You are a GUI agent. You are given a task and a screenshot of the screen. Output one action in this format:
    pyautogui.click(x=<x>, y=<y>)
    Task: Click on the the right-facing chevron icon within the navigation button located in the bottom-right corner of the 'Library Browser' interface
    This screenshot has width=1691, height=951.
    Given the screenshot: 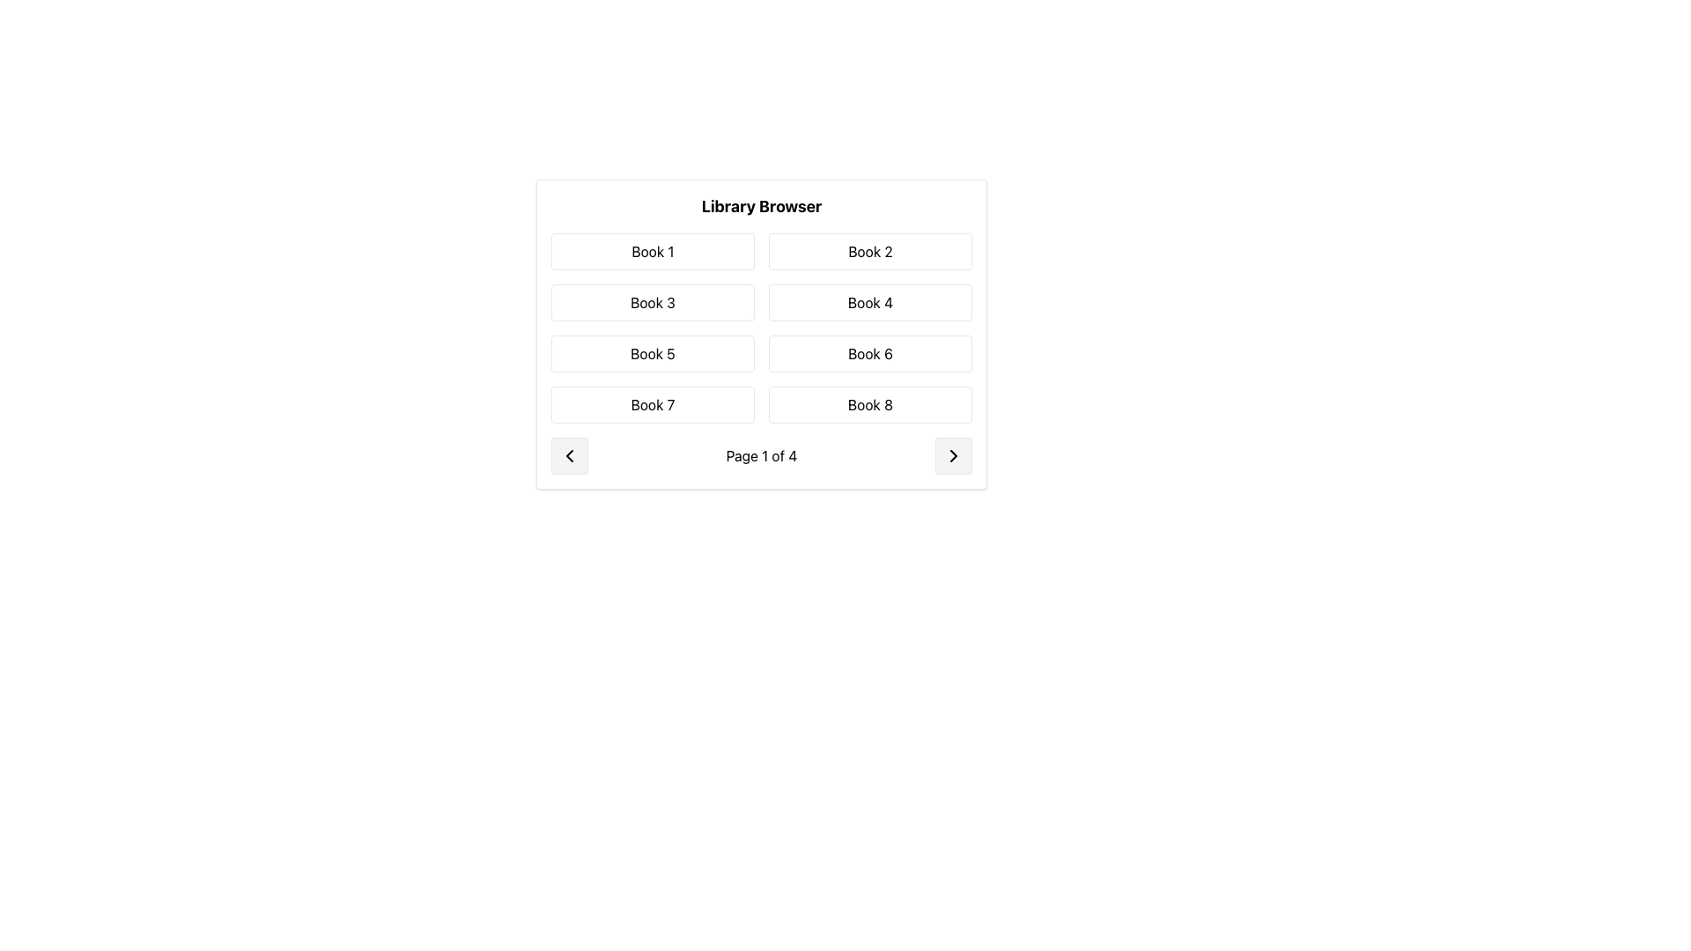 What is the action you would take?
    pyautogui.click(x=953, y=454)
    